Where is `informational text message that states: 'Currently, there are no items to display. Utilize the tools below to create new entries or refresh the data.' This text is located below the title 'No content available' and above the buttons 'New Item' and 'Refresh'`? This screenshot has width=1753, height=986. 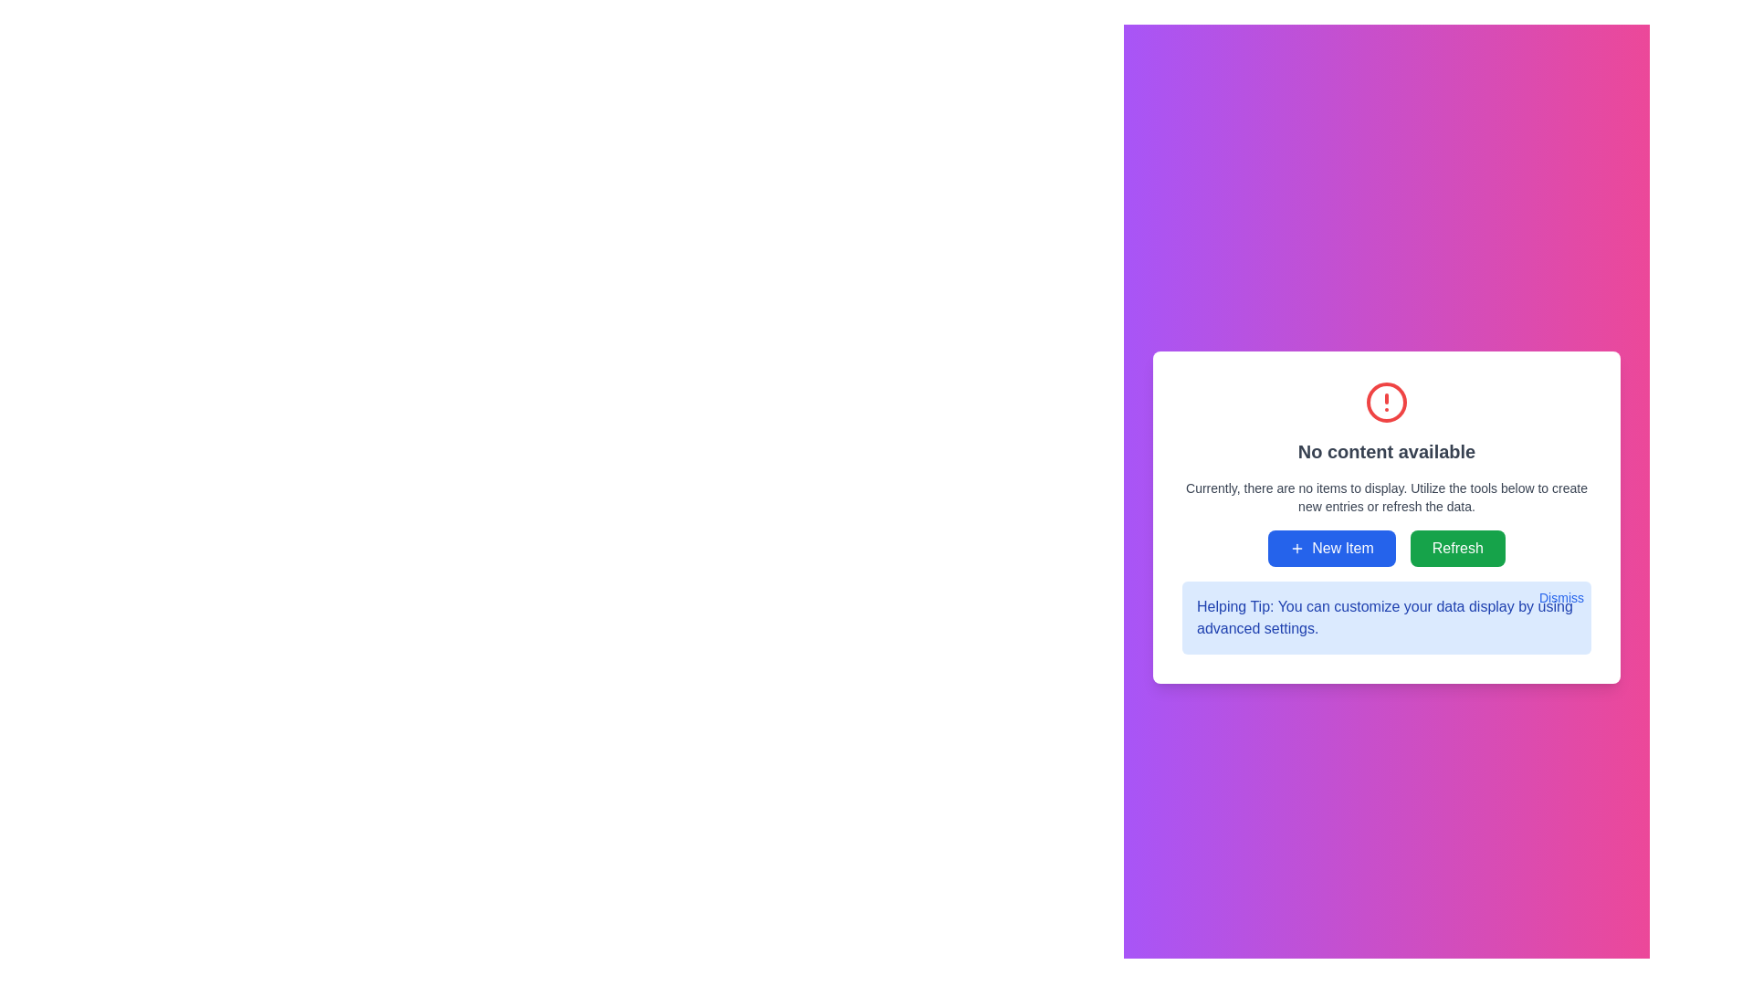 informational text message that states: 'Currently, there are no items to display. Utilize the tools below to create new entries or refresh the data.' This text is located below the title 'No content available' and above the buttons 'New Item' and 'Refresh' is located at coordinates (1386, 497).